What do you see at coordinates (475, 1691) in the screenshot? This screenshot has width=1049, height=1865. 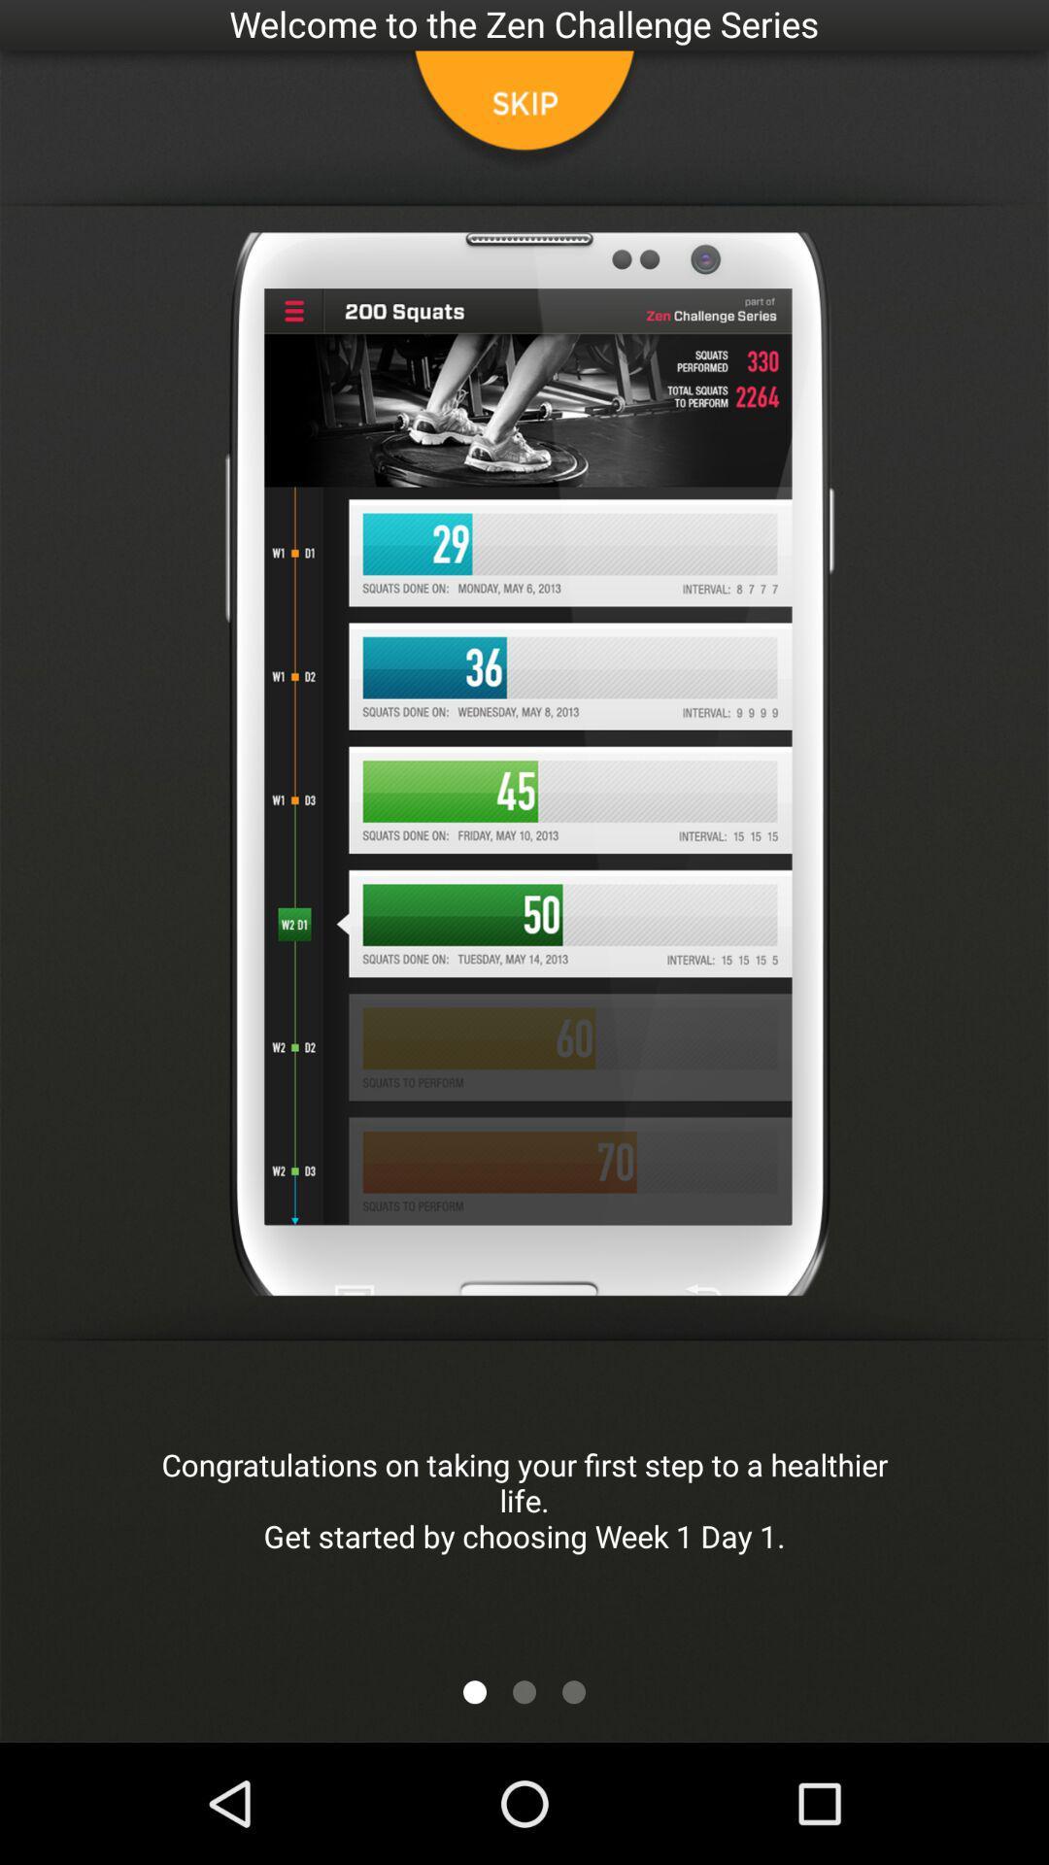 I see `app below congratulations on taking app` at bounding box center [475, 1691].